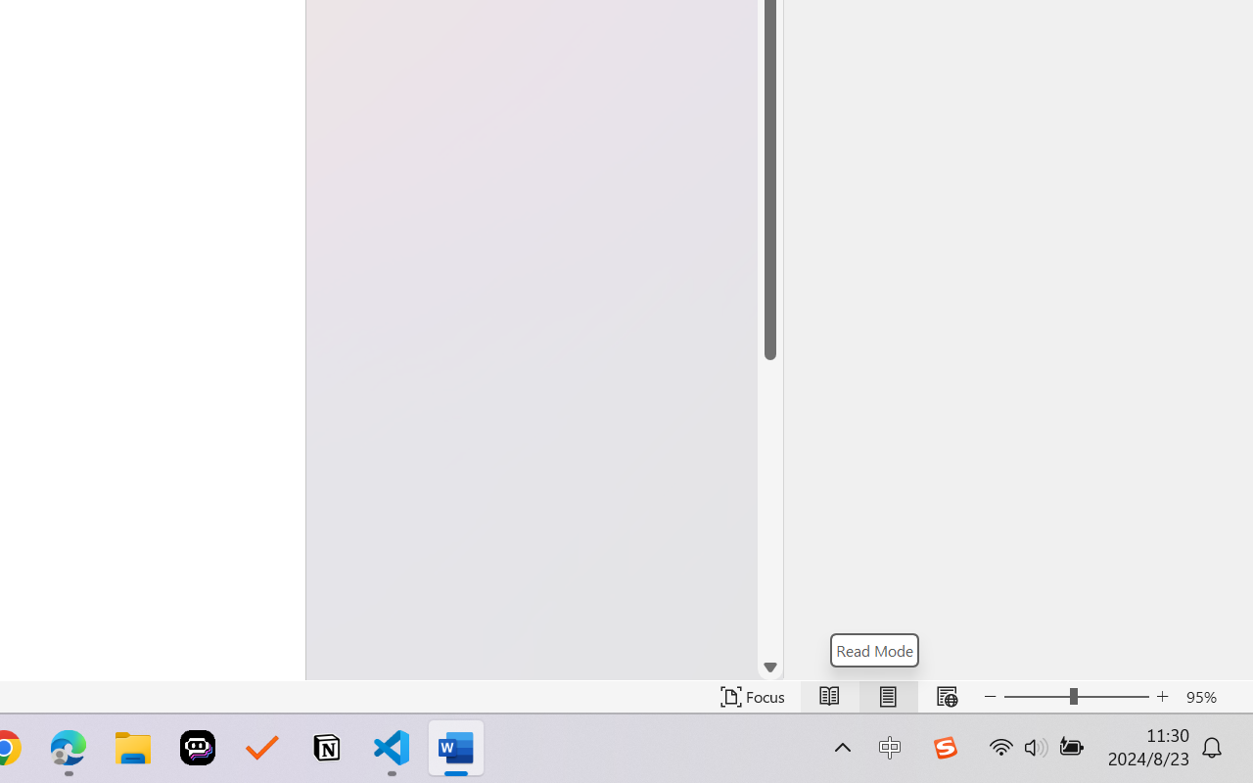  I want to click on 'Line down', so click(769, 668).